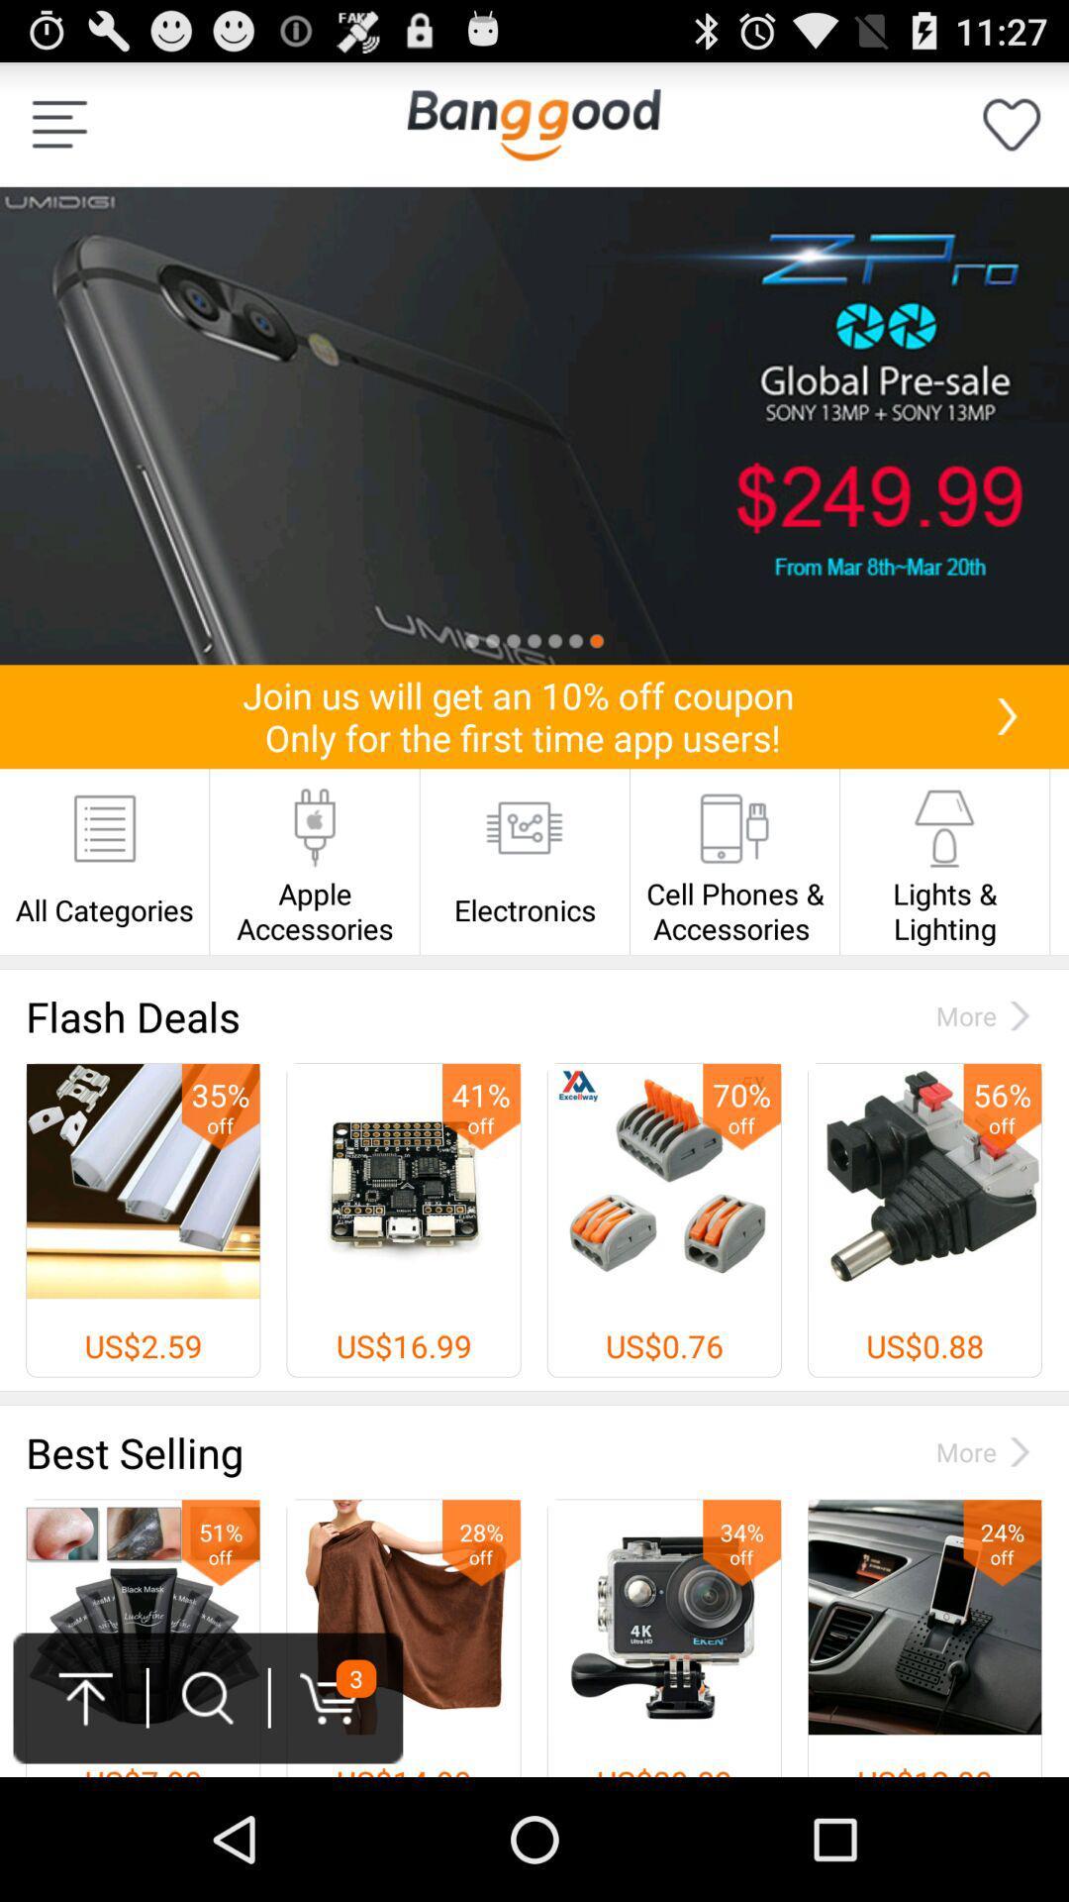  I want to click on the favorite icon, so click(1012, 132).